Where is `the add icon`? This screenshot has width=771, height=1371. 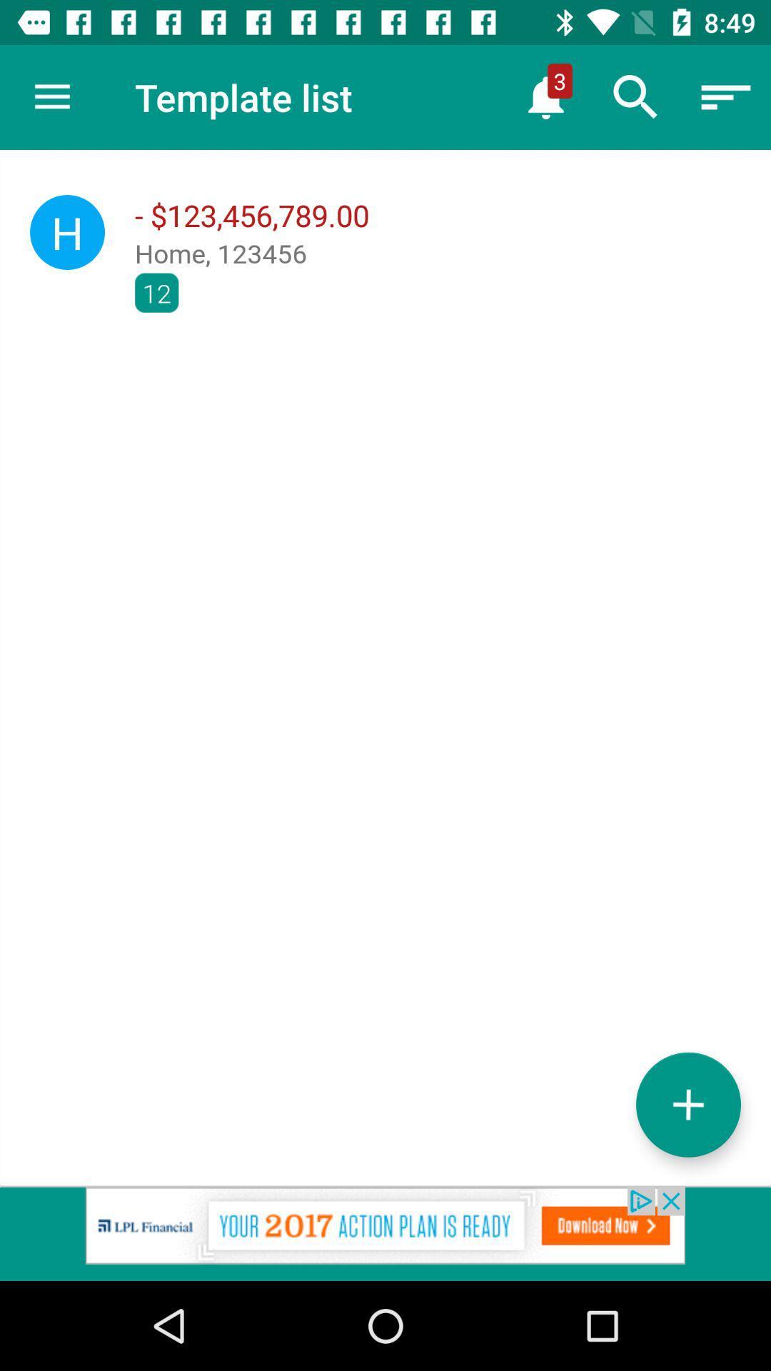
the add icon is located at coordinates (687, 1104).